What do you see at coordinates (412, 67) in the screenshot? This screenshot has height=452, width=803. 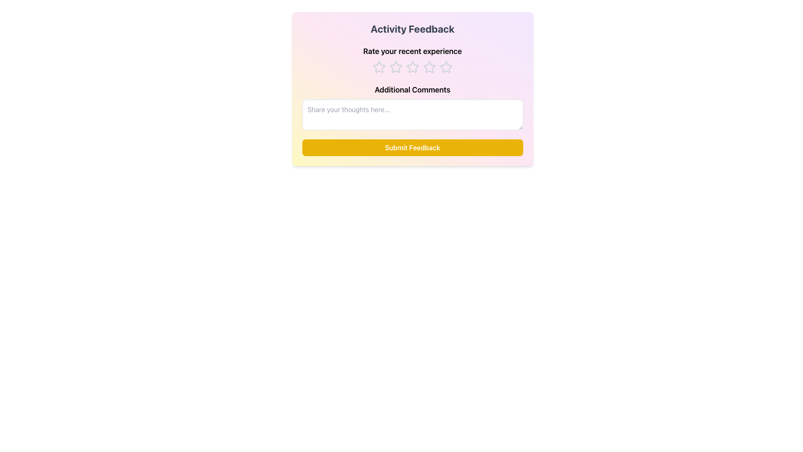 I see `the Rating Control, which consists of five aligned star icons styled in light gray, located in the feedback form section titled 'Rate your recent experience'` at bounding box center [412, 67].